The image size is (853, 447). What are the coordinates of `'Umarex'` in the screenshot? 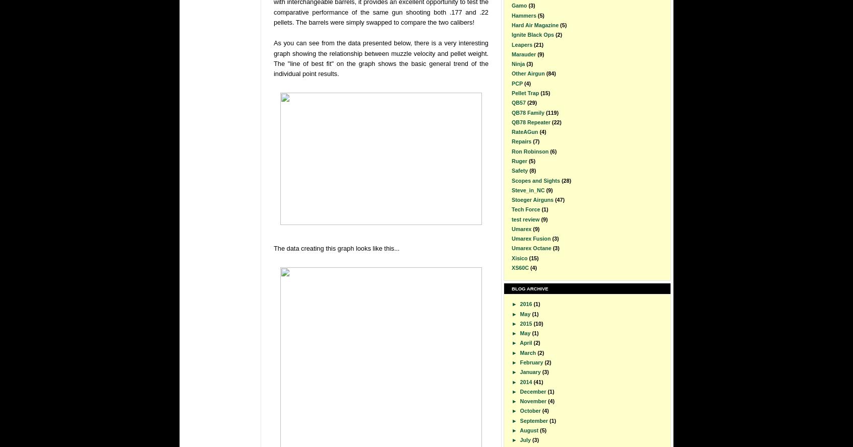 It's located at (521, 229).